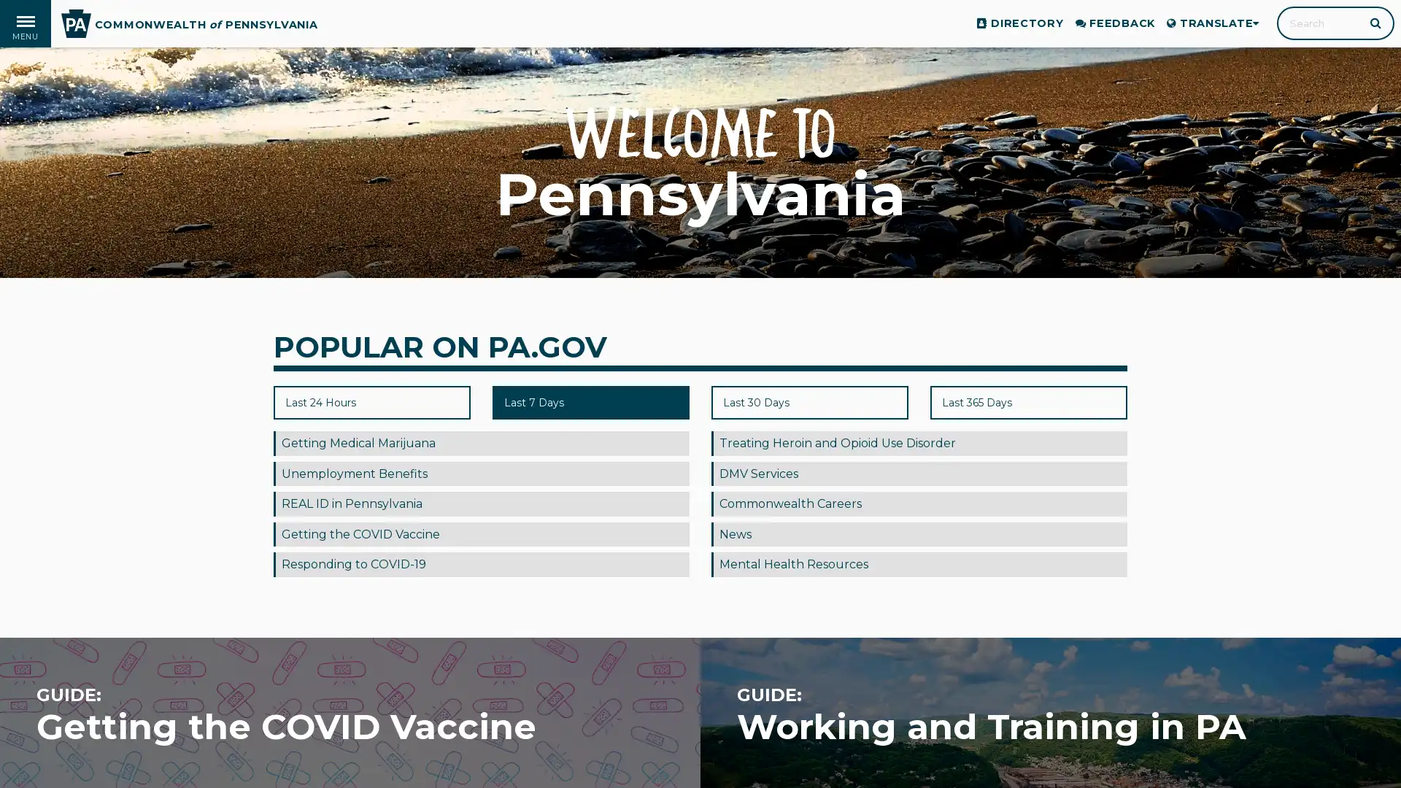 This screenshot has width=1401, height=788. What do you see at coordinates (1376, 22) in the screenshot?
I see `Search` at bounding box center [1376, 22].